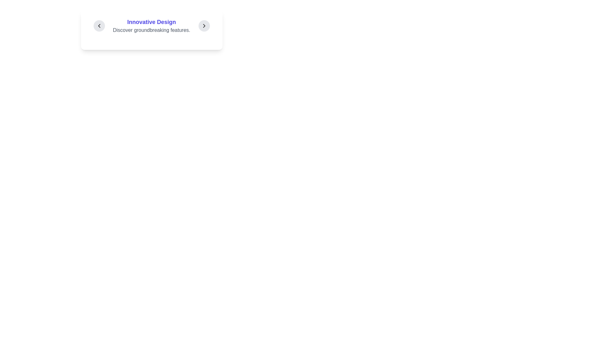 The width and height of the screenshot is (607, 341). What do you see at coordinates (151, 30) in the screenshot?
I see `the text label that reads 'Discover groundbreaking features.' which is styled in gray and positioned below the heading 'Innovative Design'` at bounding box center [151, 30].